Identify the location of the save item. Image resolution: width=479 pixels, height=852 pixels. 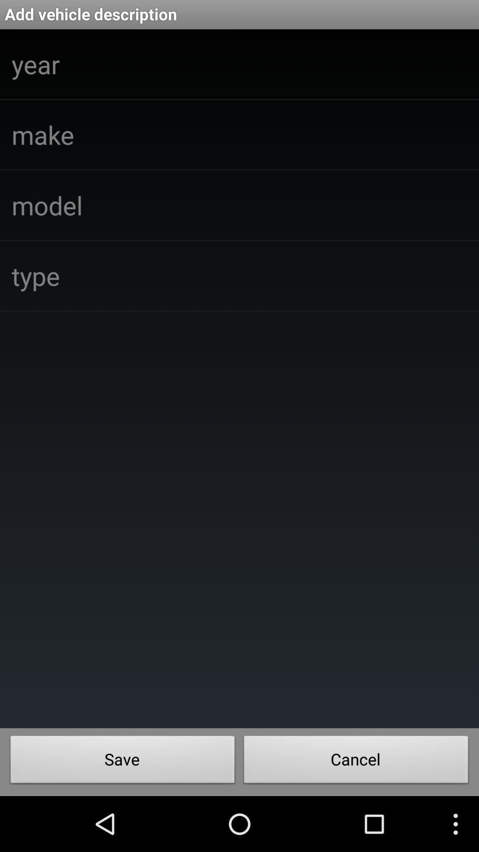
(122, 761).